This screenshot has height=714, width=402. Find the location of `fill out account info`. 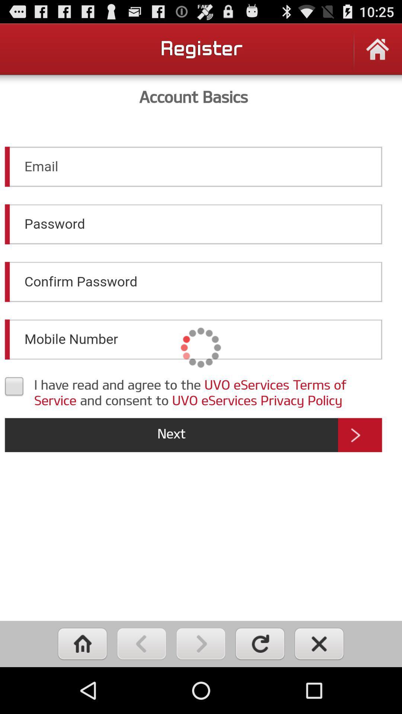

fill out account info is located at coordinates (201, 347).